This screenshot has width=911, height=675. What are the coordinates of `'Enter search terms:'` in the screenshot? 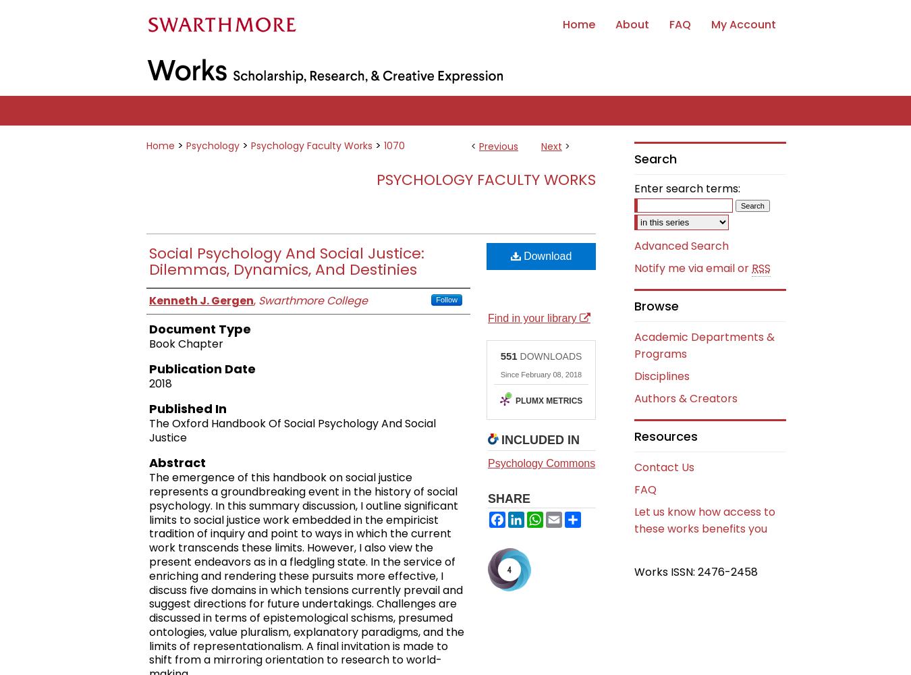 It's located at (687, 188).